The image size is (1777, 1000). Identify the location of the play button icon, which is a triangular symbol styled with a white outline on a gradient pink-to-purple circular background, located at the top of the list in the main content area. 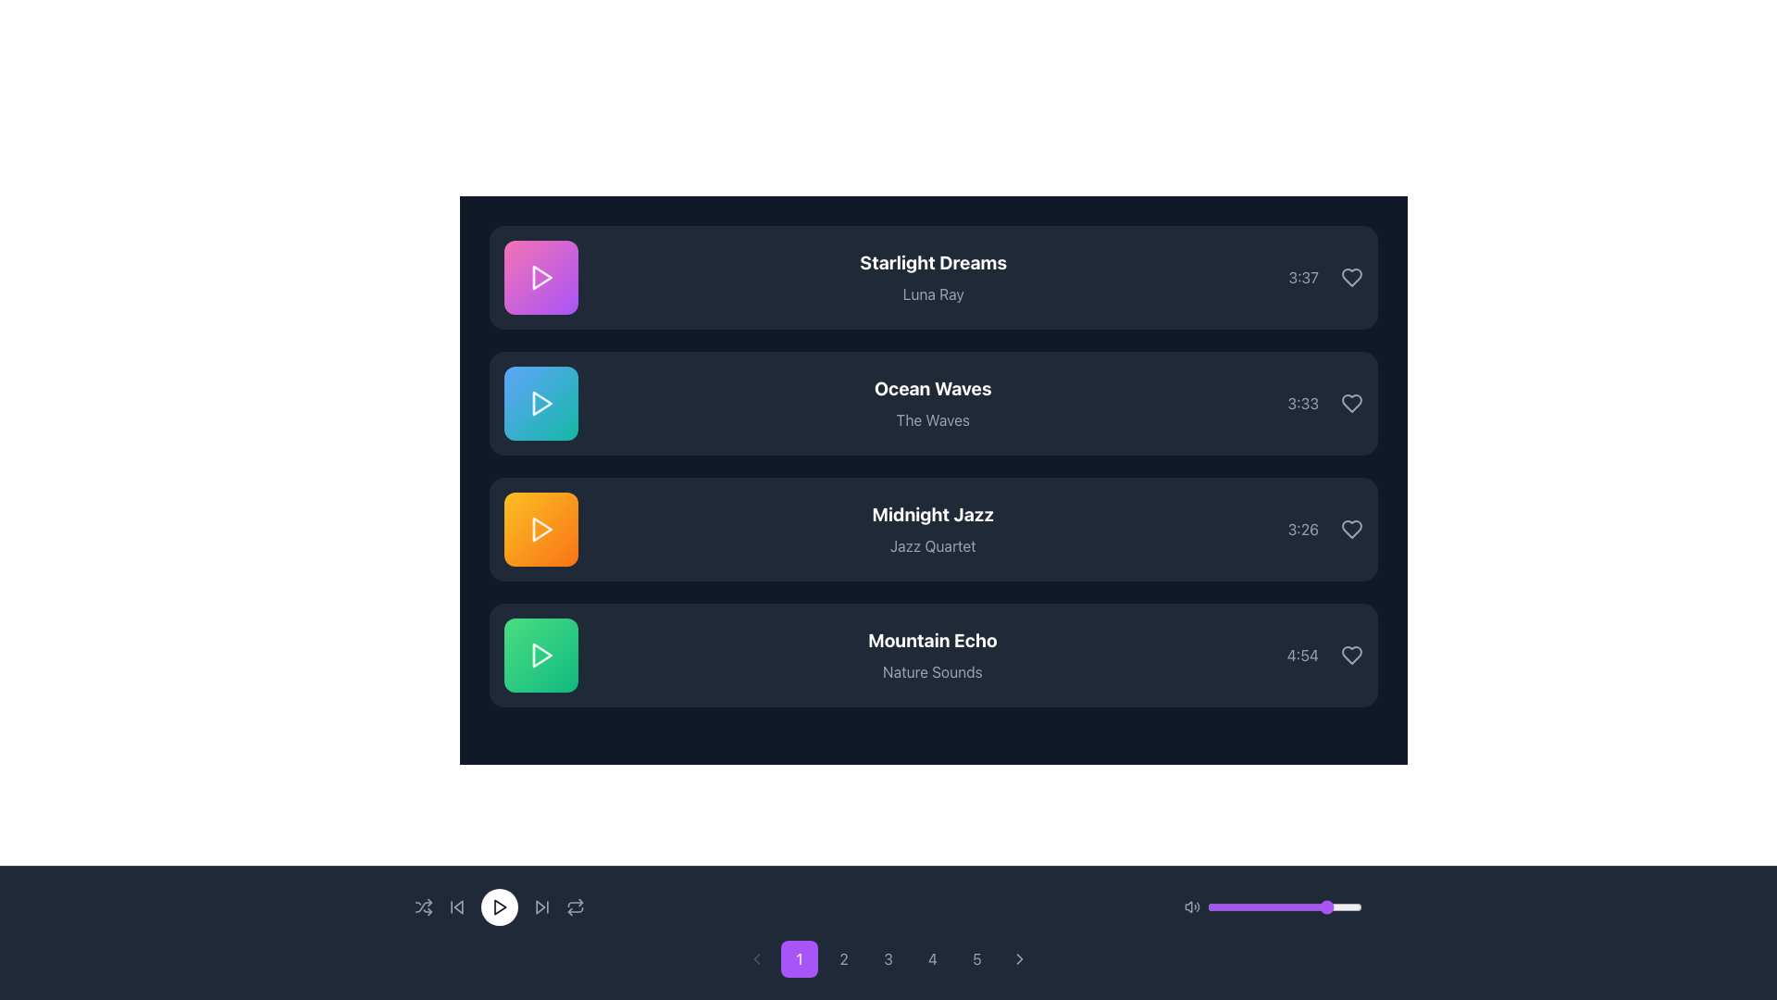
(541, 278).